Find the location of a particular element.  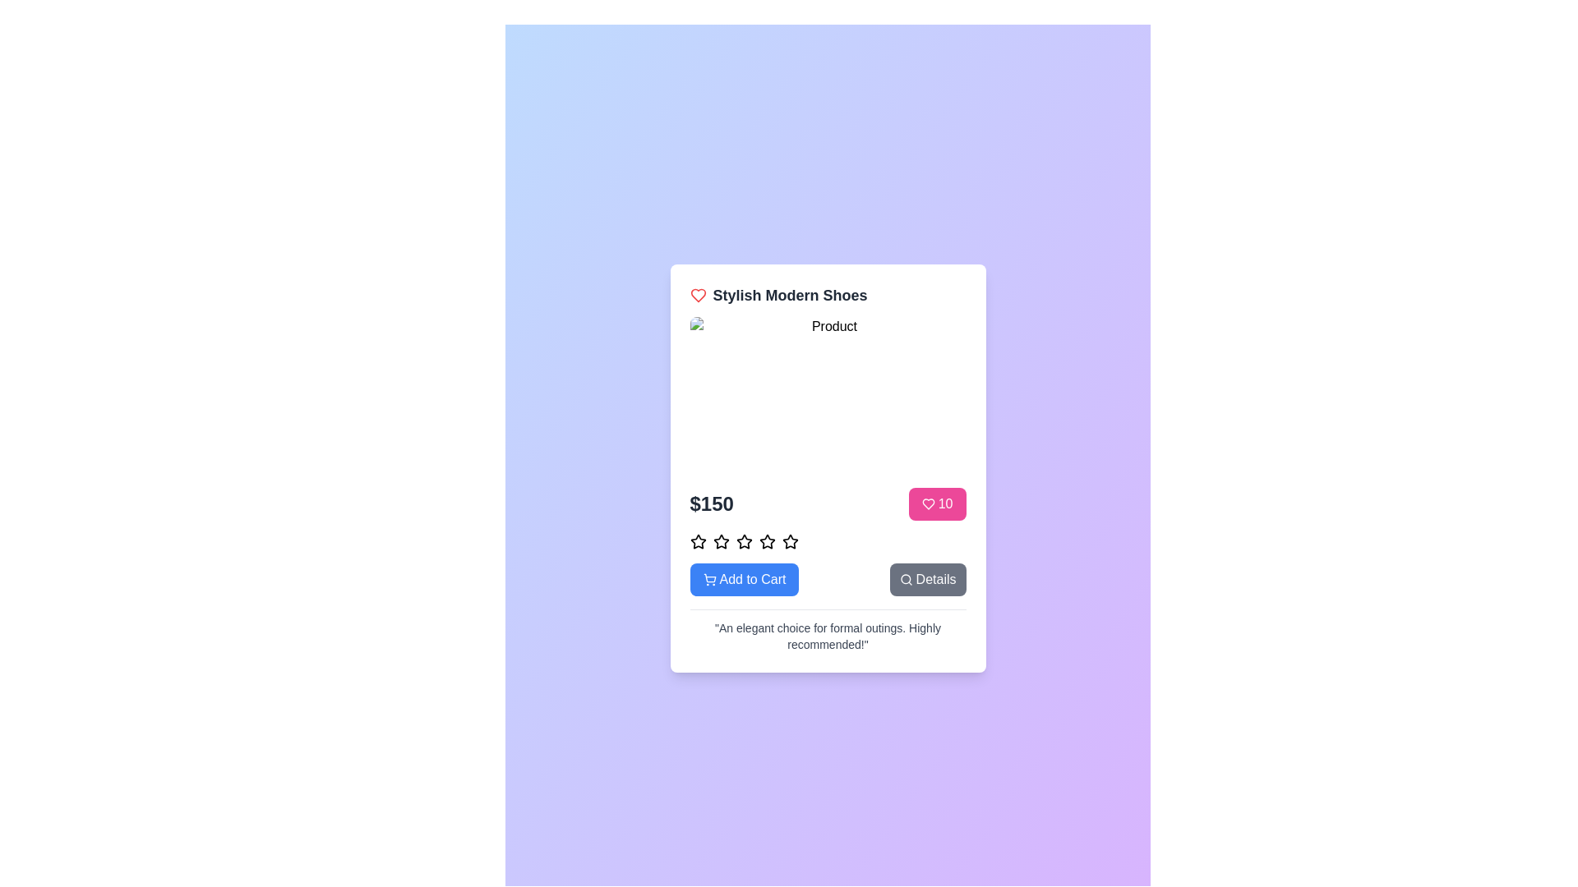

the heart SVG icon located to the right of the price tag ($150) and aligned with the pink label displaying '10' is located at coordinates (698, 294).